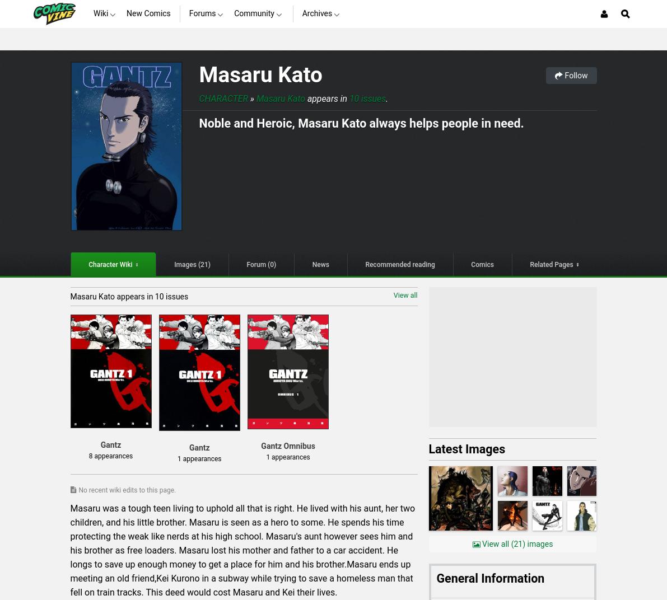 The image size is (667, 600). What do you see at coordinates (467, 449) in the screenshot?
I see `'Latest Images'` at bounding box center [467, 449].